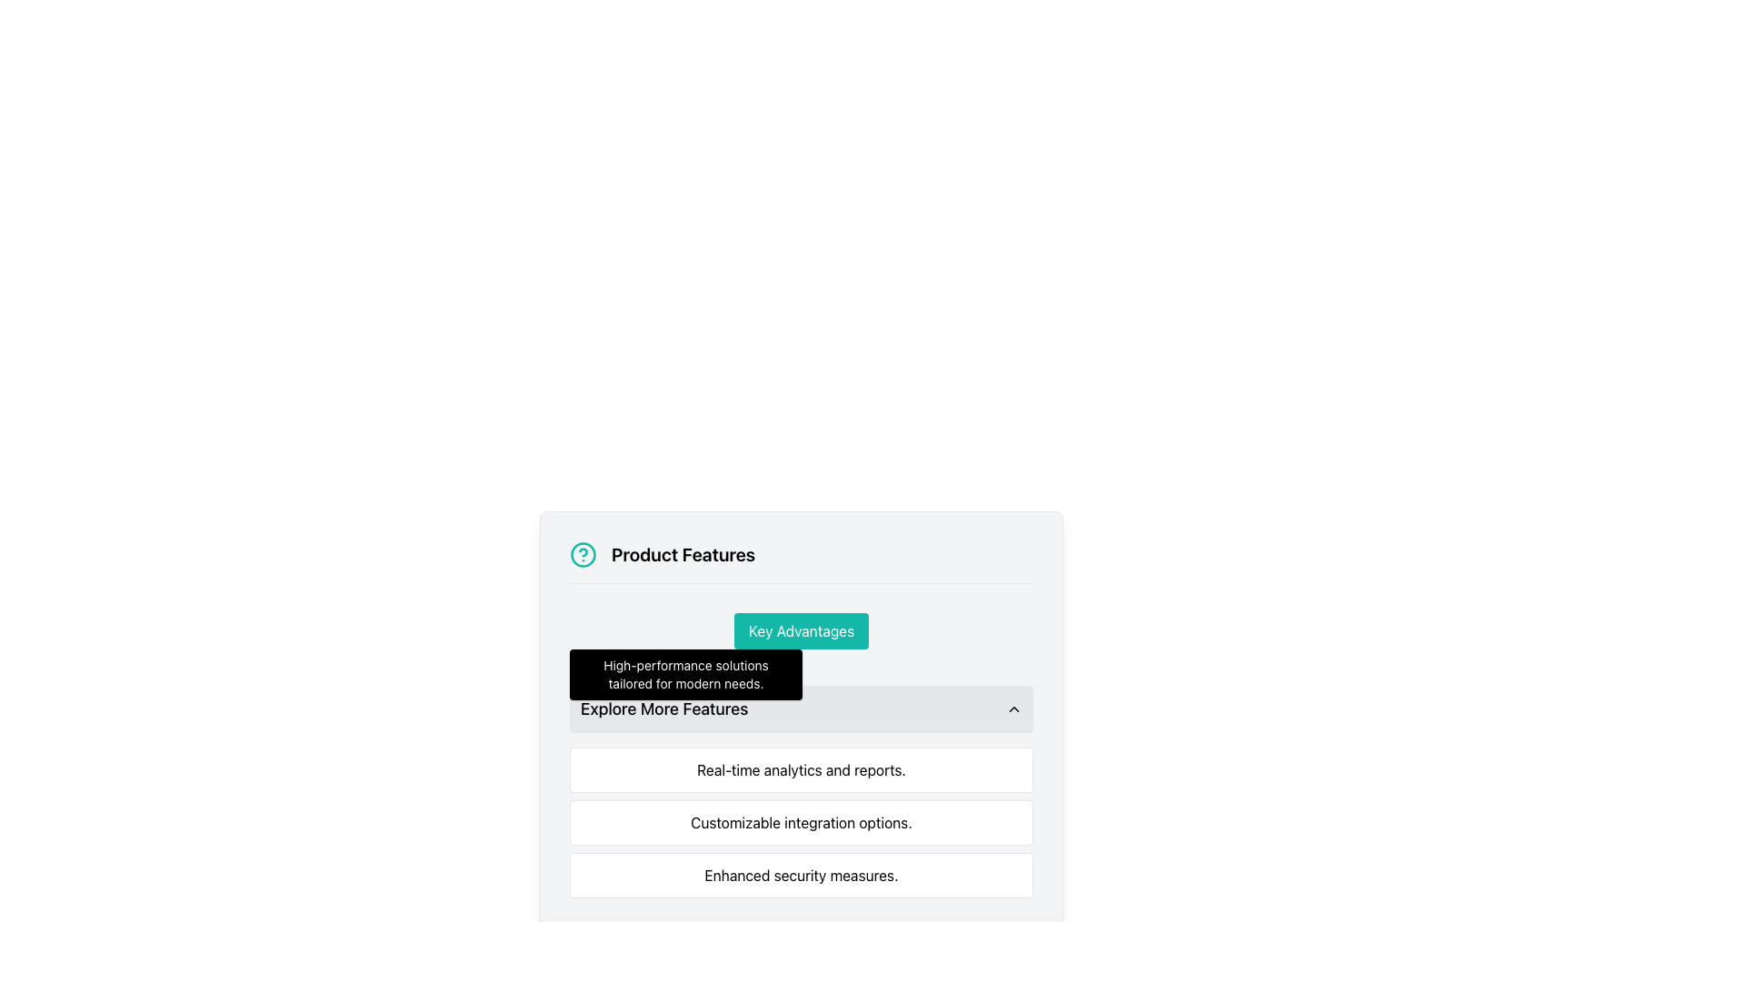  I want to click on the static text block element that displays 'Real-time analytics and reports.', which is the first of three horizontally aligned elements below the 'Explore More Features' header, so click(801, 770).